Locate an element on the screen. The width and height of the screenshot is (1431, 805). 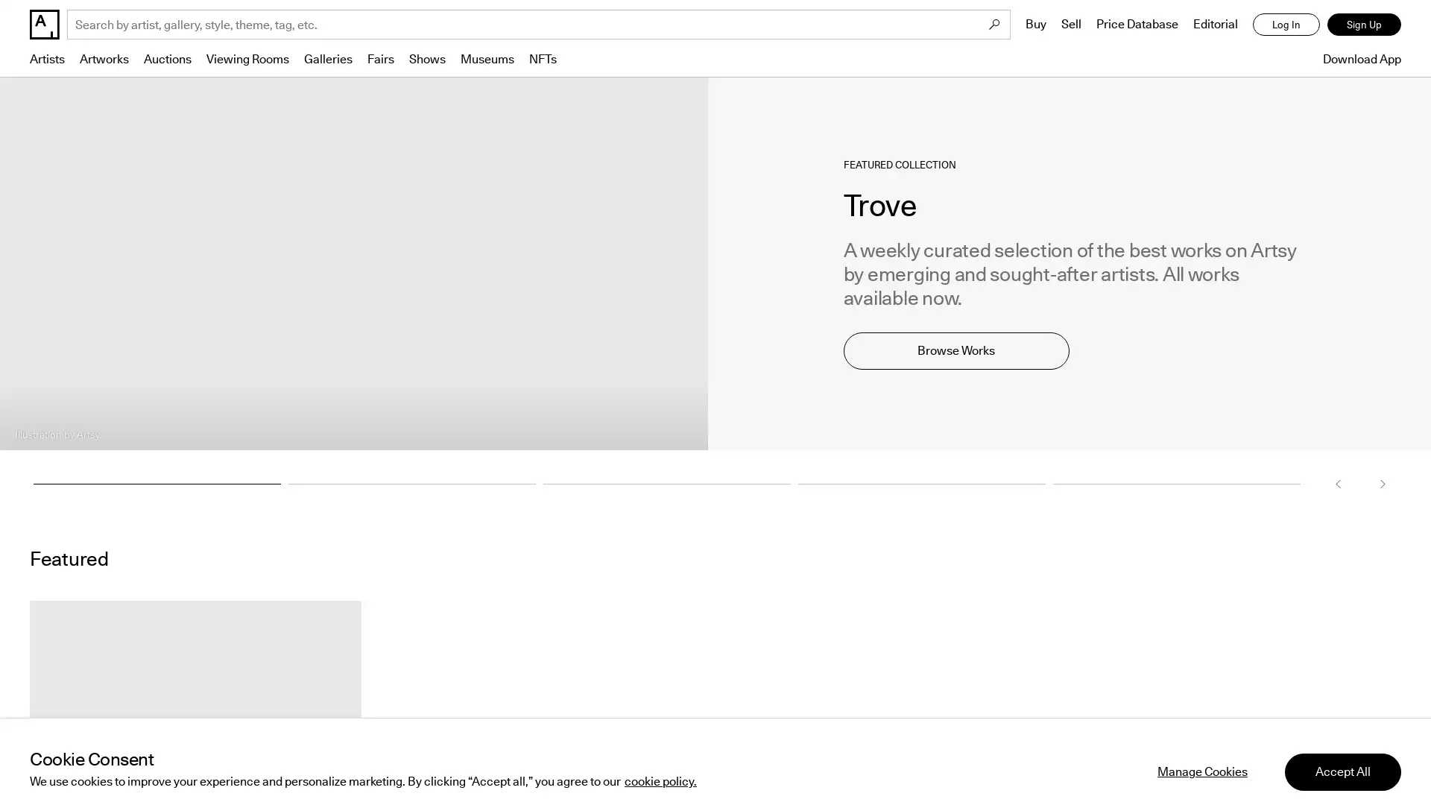
Log In is located at coordinates (1286, 25).